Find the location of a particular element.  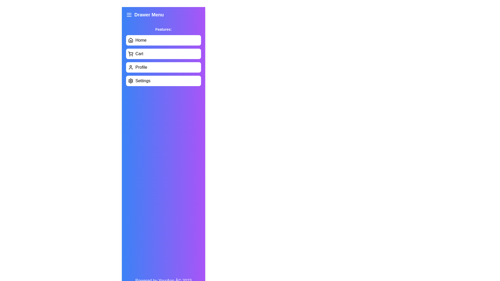

the house icon in the navigation menu next to the text 'Home' is located at coordinates (131, 40).